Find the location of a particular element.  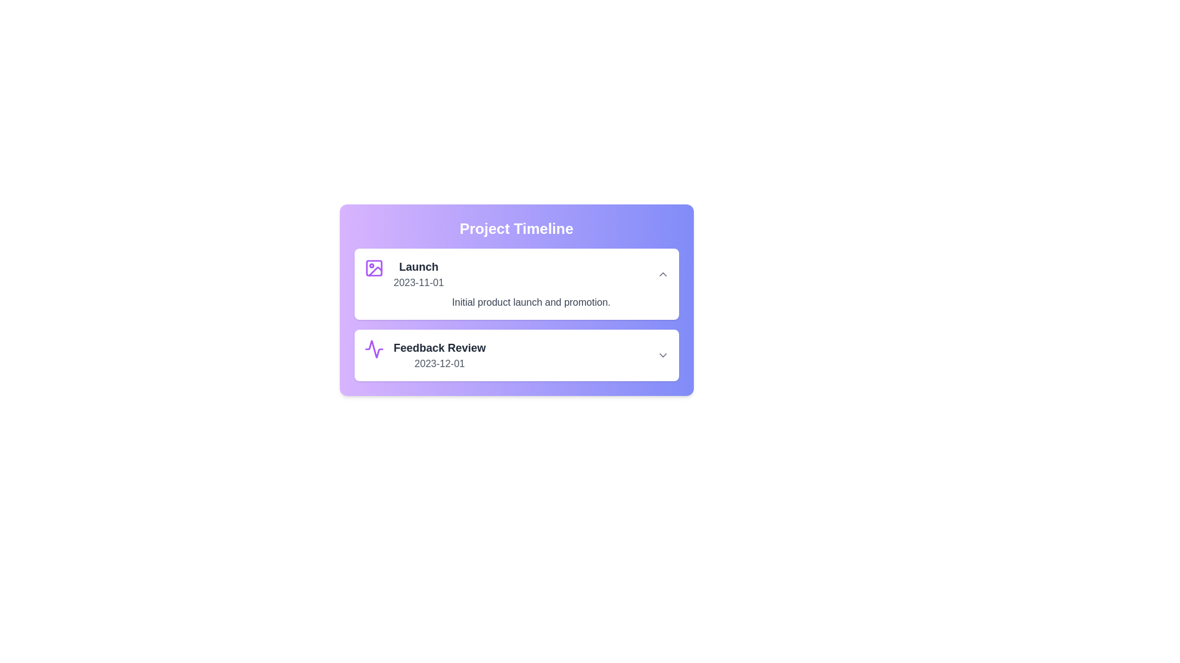

the timeline event display for 'Feedback Review' dated '2023-12-01', which is the second entry in the timeline is located at coordinates (439, 355).